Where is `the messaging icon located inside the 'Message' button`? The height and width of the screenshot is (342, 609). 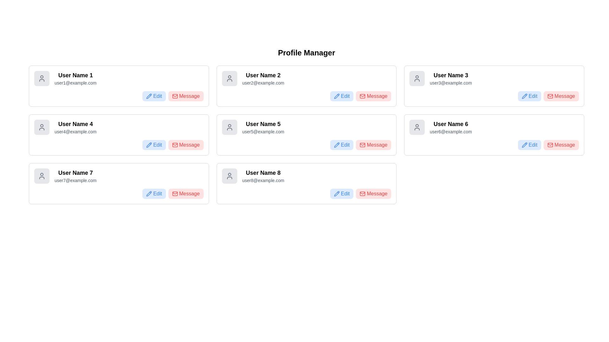 the messaging icon located inside the 'Message' button is located at coordinates (175, 145).